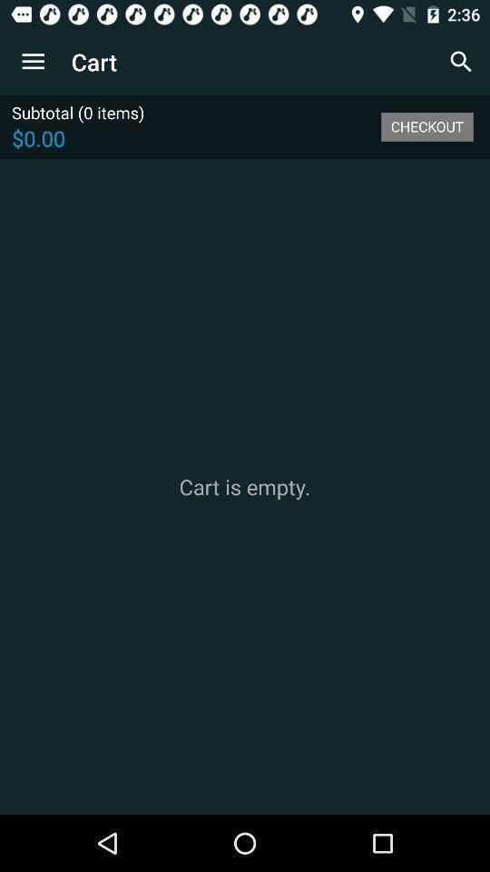  I want to click on checkout icon, so click(426, 125).